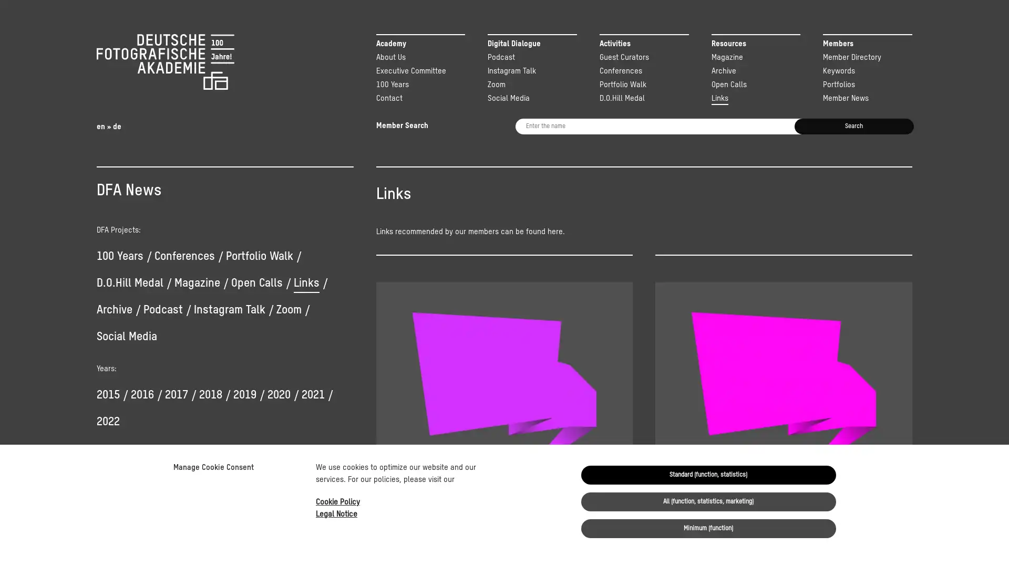  Describe the element at coordinates (306, 283) in the screenshot. I see `Links` at that location.